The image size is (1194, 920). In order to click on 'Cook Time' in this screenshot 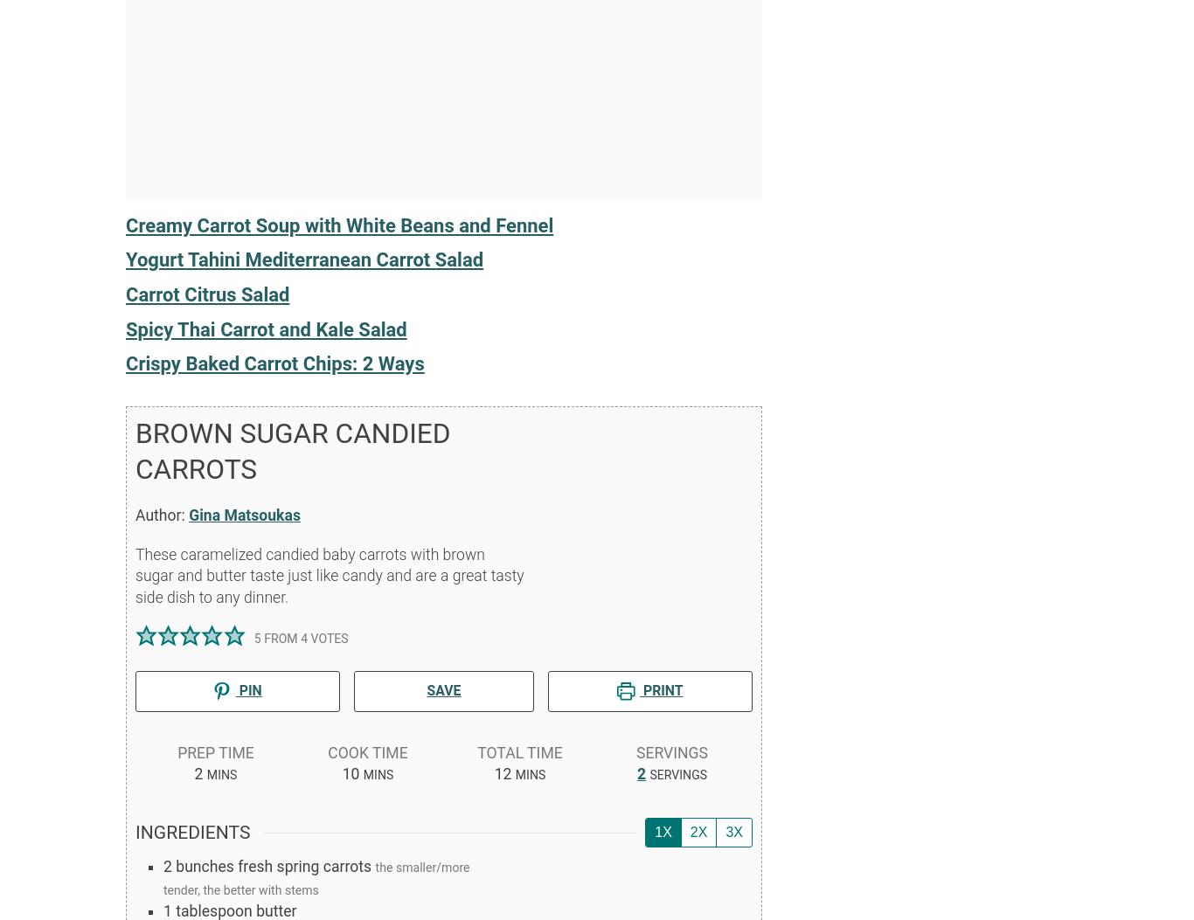, I will do `click(326, 751)`.